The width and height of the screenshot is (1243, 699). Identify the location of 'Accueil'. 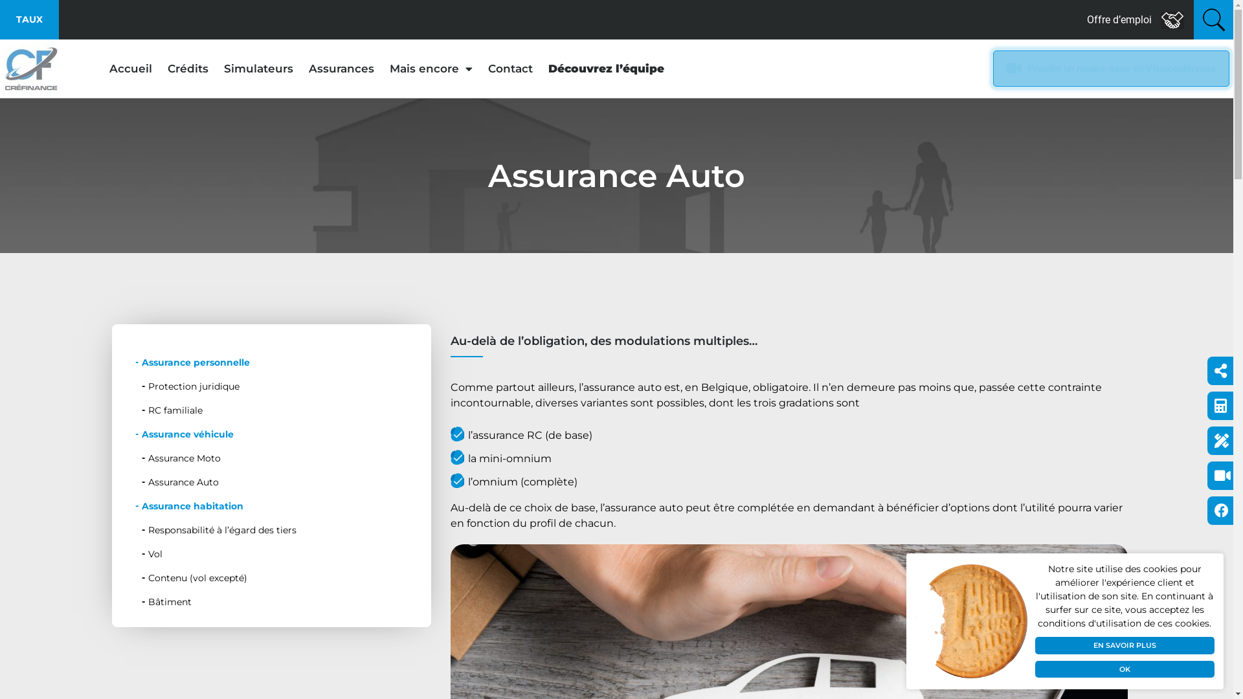
(130, 68).